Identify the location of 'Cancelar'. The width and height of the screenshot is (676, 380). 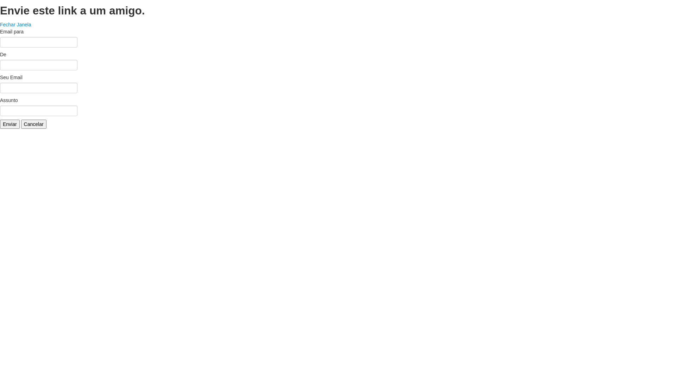
(21, 124).